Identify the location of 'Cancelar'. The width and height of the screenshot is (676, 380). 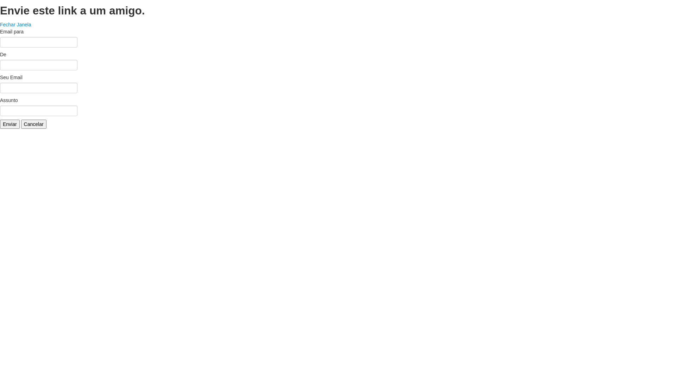
(21, 124).